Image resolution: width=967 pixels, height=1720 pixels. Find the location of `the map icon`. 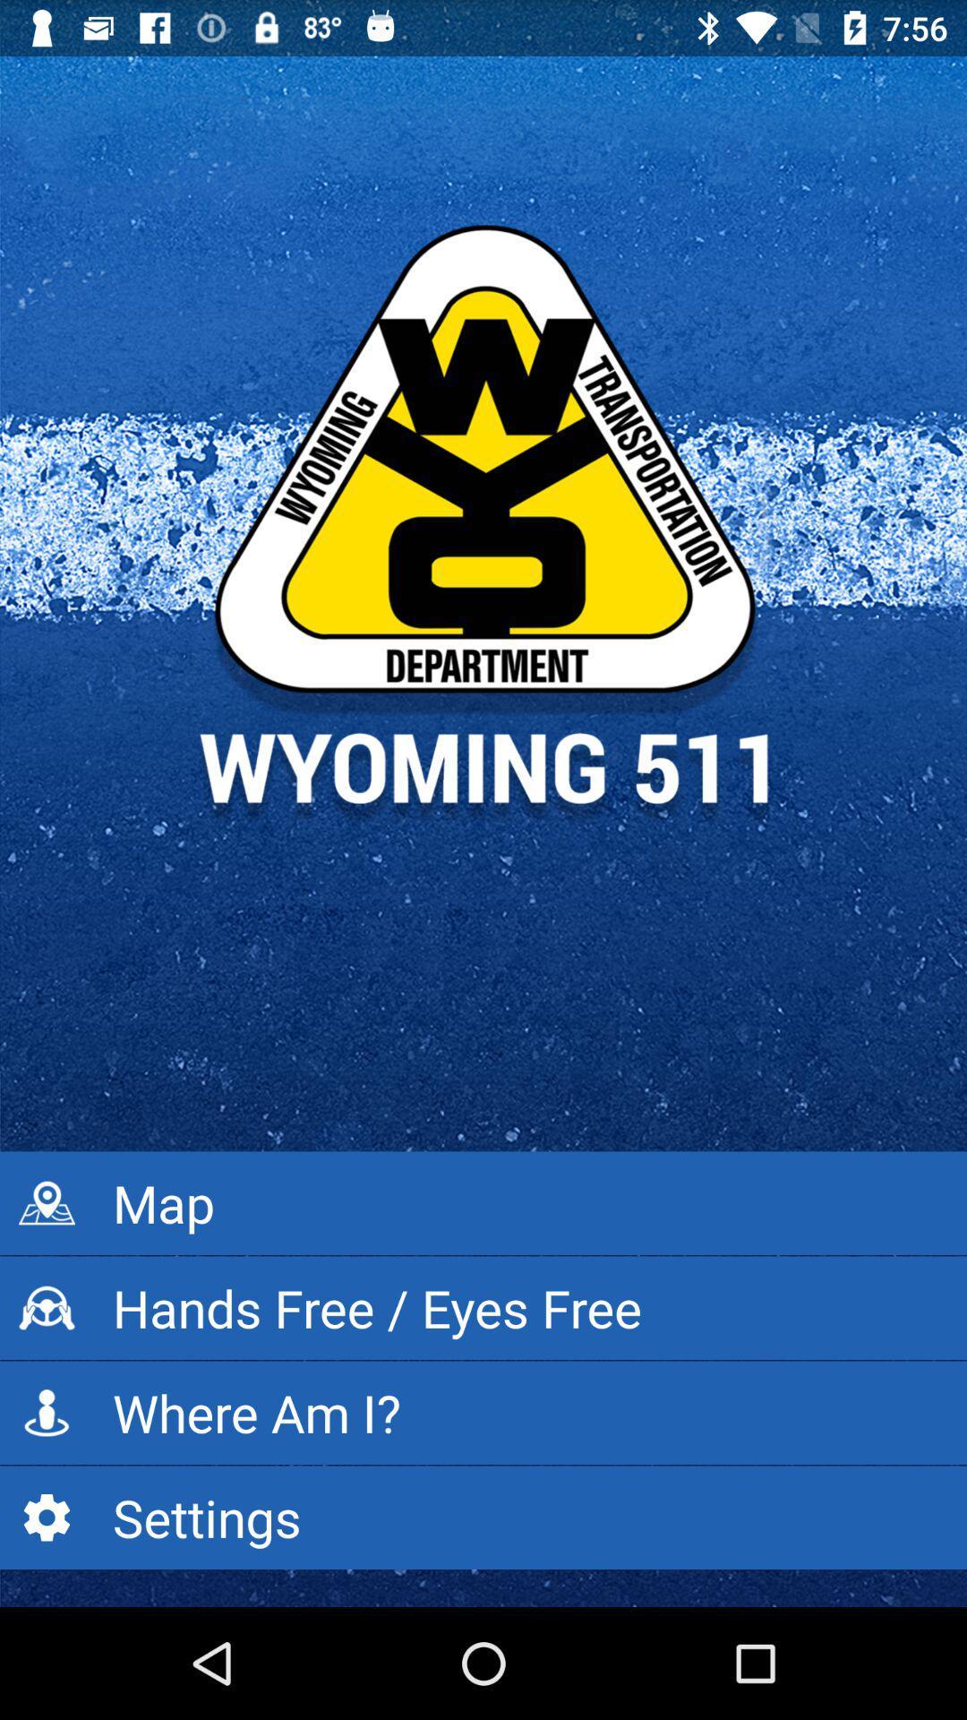

the map icon is located at coordinates (483, 1203).